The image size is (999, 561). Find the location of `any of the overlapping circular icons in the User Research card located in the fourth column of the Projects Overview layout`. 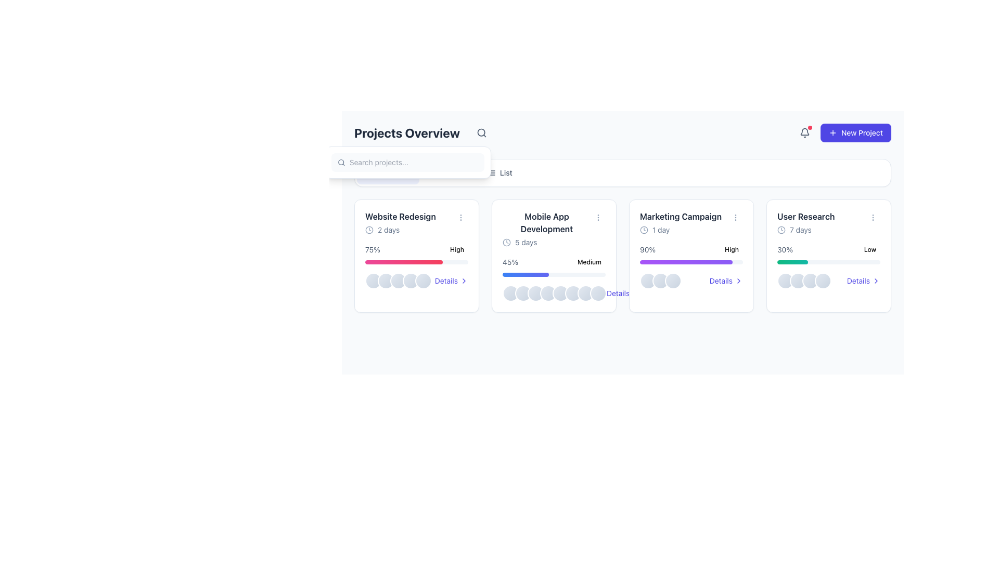

any of the overlapping circular icons in the User Research card located in the fourth column of the Projects Overview layout is located at coordinates (803, 280).